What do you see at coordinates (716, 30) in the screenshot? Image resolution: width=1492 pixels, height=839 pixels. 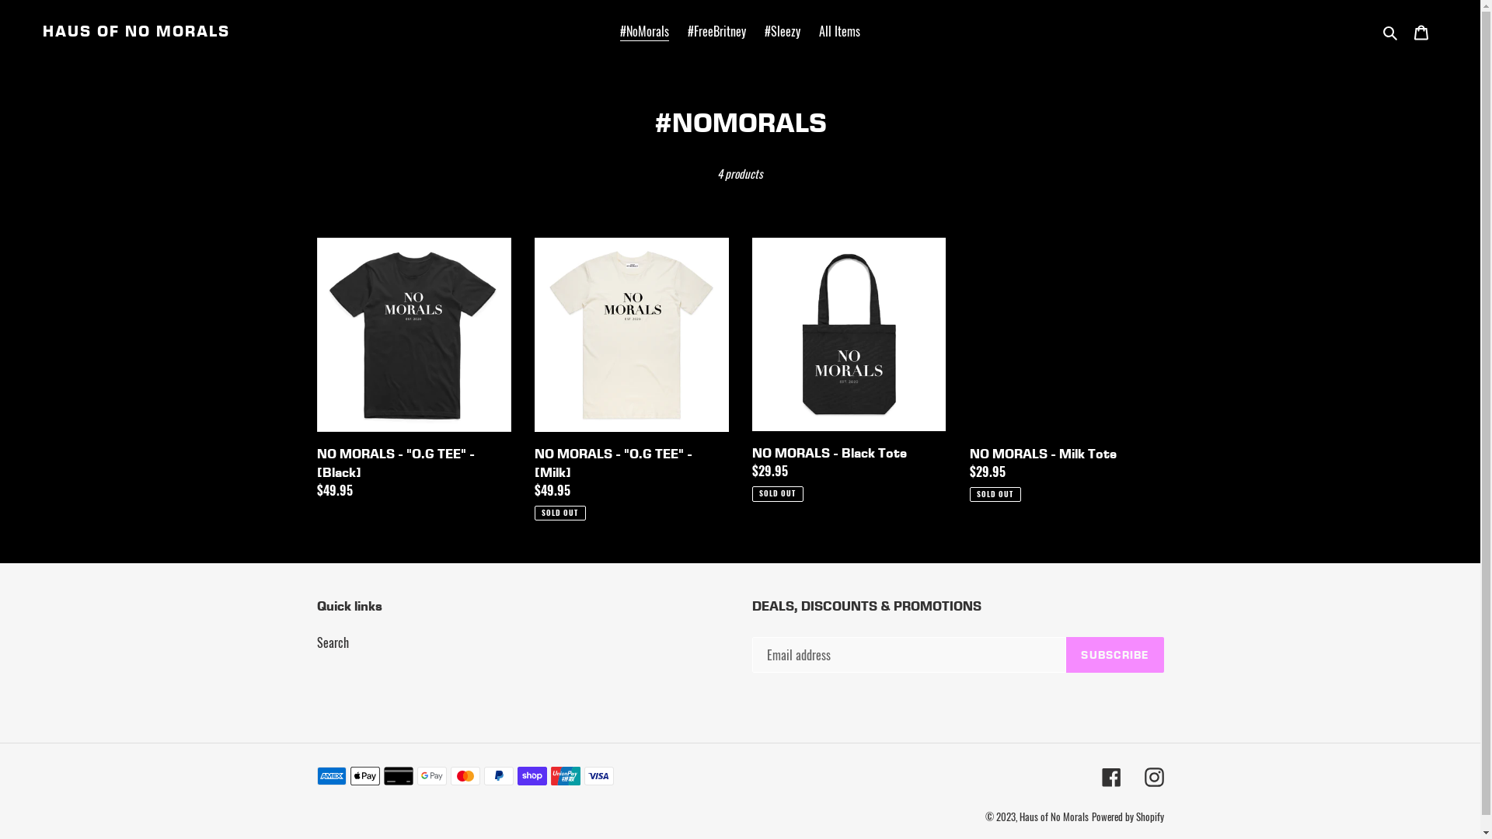 I see `'#FreeBritney'` at bounding box center [716, 30].